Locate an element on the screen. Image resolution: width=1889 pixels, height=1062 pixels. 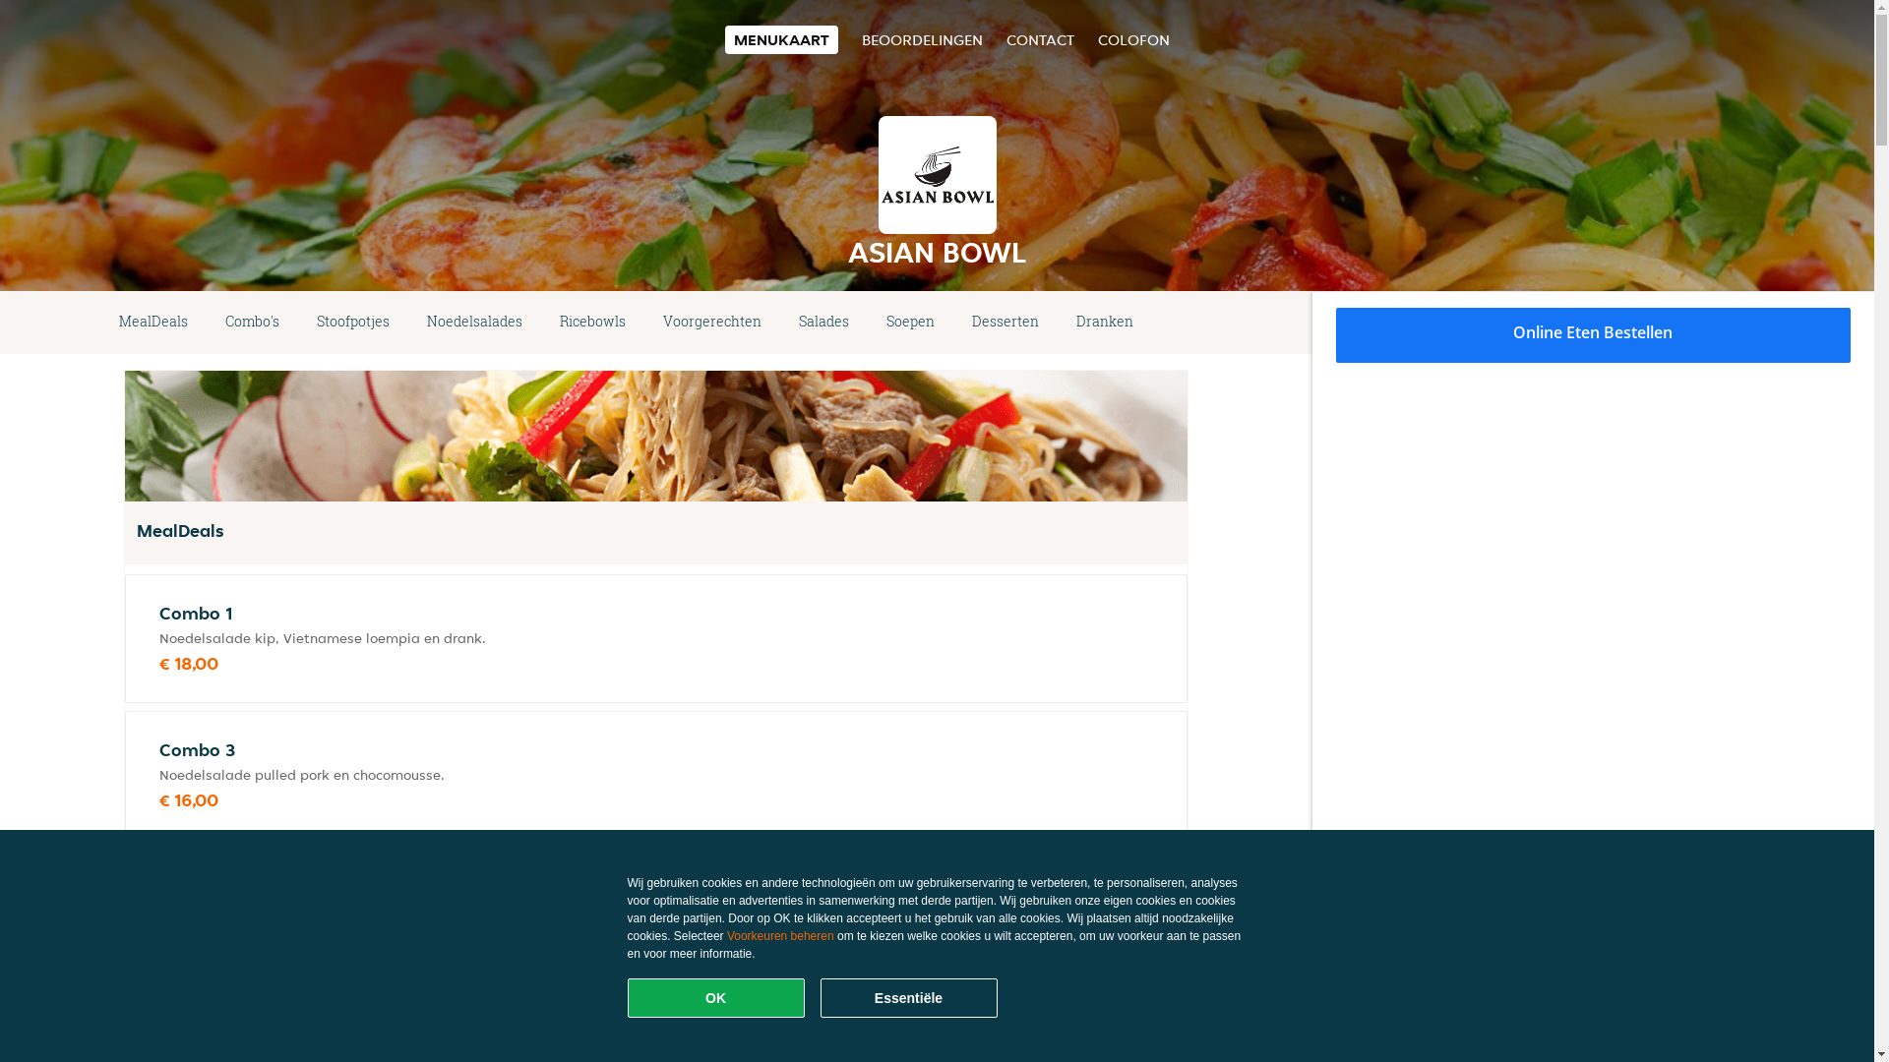
'BEOORDELINGEN' is located at coordinates (861, 39).